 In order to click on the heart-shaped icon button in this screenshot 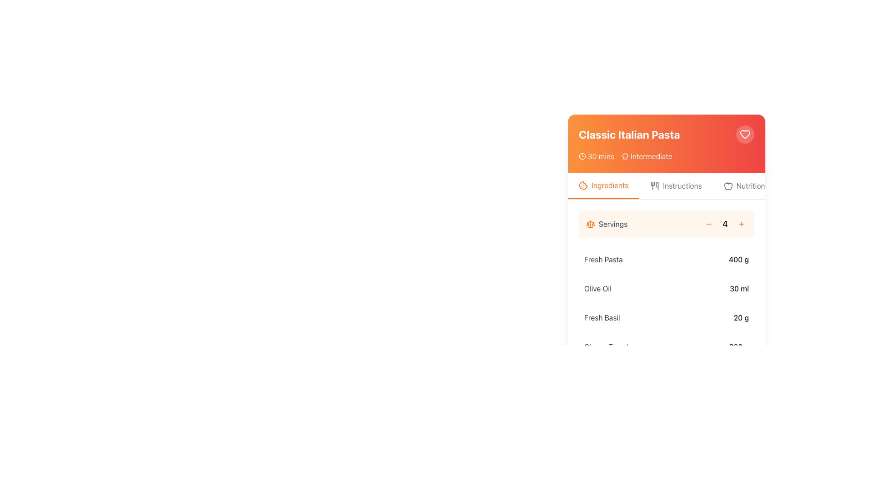, I will do `click(745, 135)`.